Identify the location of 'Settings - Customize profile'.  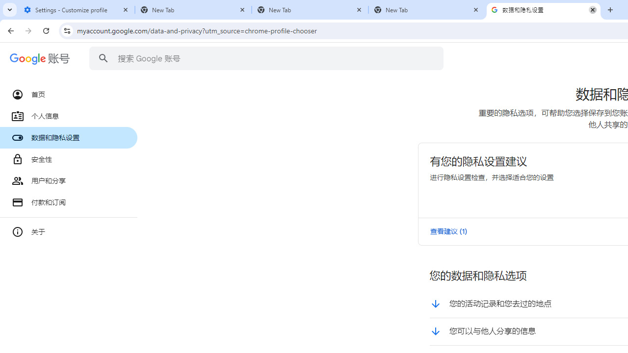
(76, 10).